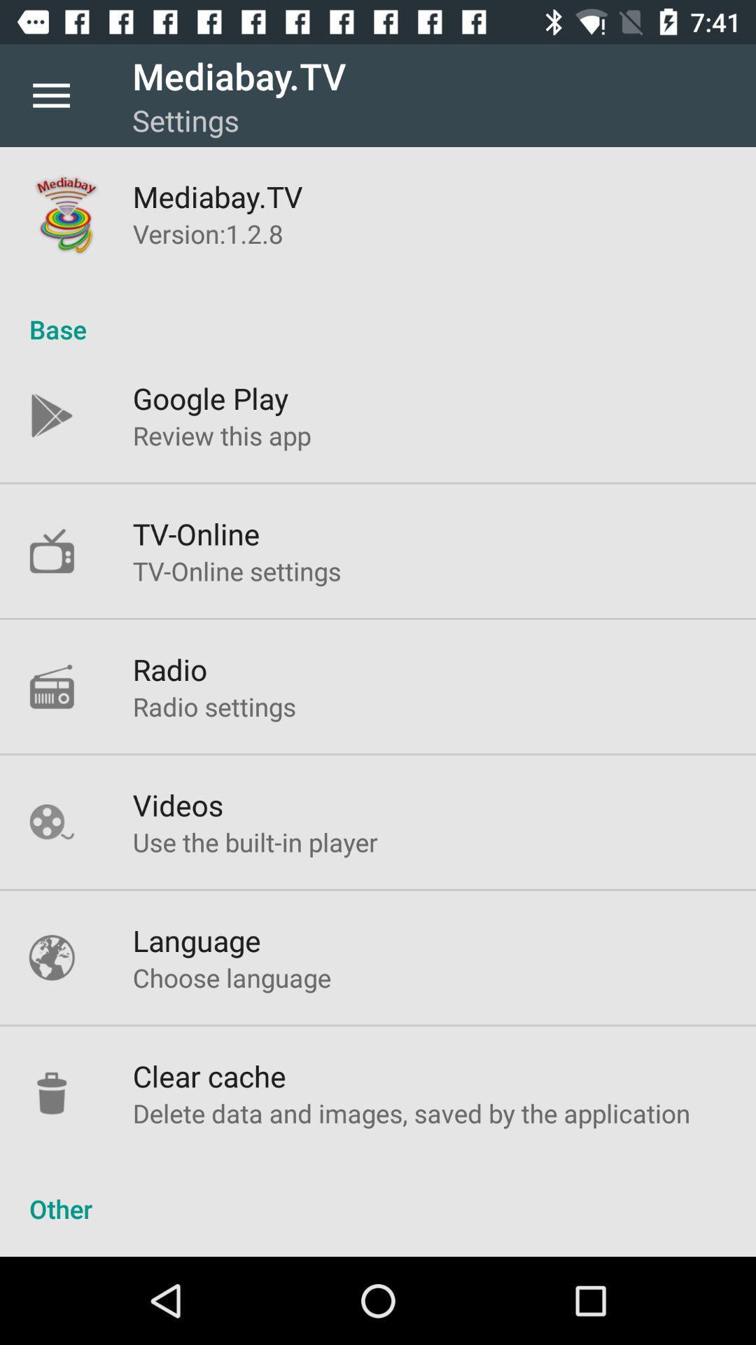 Image resolution: width=756 pixels, height=1345 pixels. Describe the element at coordinates (208, 233) in the screenshot. I see `the icon above base` at that location.